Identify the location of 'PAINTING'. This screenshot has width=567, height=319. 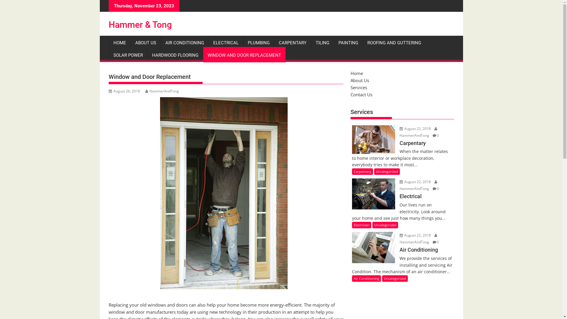
(333, 43).